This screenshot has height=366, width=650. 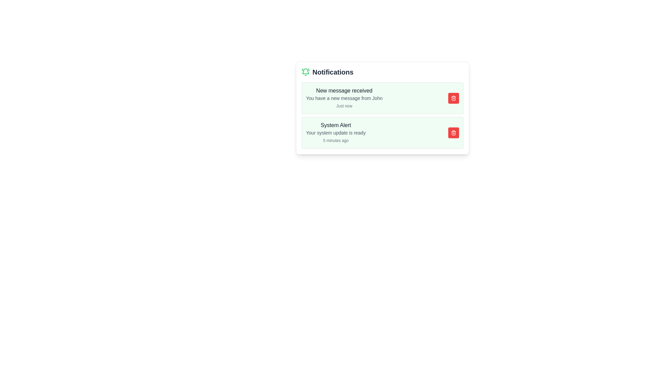 What do you see at coordinates (344, 106) in the screenshot?
I see `the text label displaying 'Just now' in gray color, located at the bottom-right of the notification card` at bounding box center [344, 106].